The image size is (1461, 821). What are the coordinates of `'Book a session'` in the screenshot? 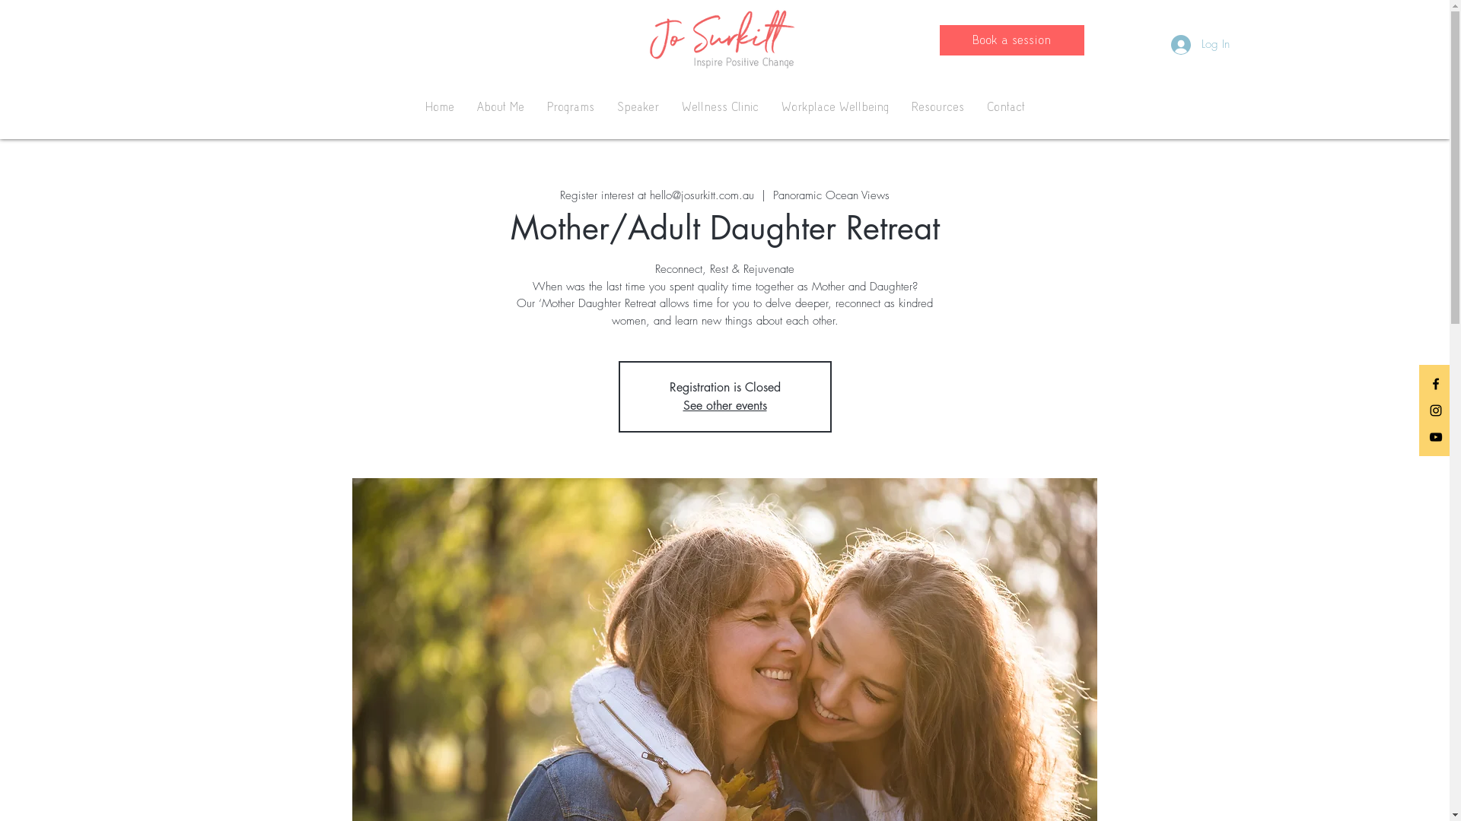 It's located at (937, 40).